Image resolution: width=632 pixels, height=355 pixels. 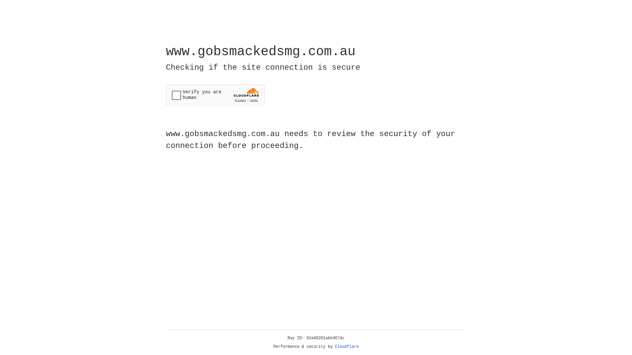 I want to click on 'Cloudflare', so click(x=347, y=346).